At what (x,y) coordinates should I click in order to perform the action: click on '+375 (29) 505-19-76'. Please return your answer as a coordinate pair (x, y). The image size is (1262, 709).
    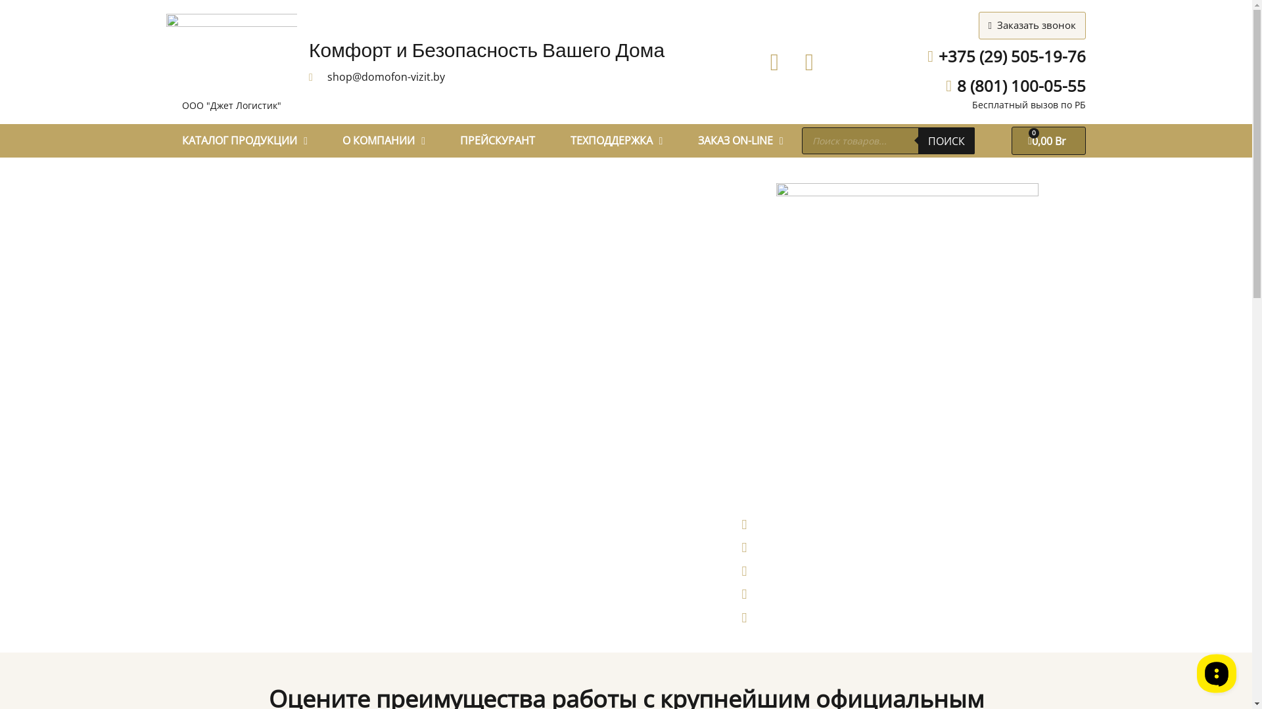
    Looking at the image, I should click on (999, 56).